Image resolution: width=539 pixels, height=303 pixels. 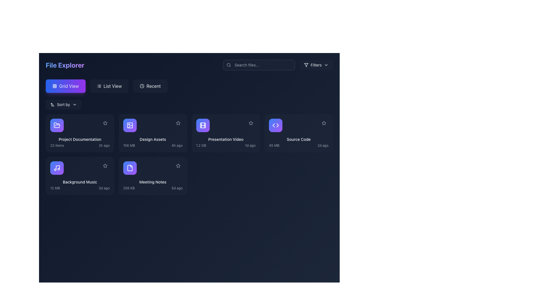 What do you see at coordinates (178, 165) in the screenshot?
I see `the unselected star-shaped icon located in the top-right corner of the 'Meeting Notes' file card` at bounding box center [178, 165].